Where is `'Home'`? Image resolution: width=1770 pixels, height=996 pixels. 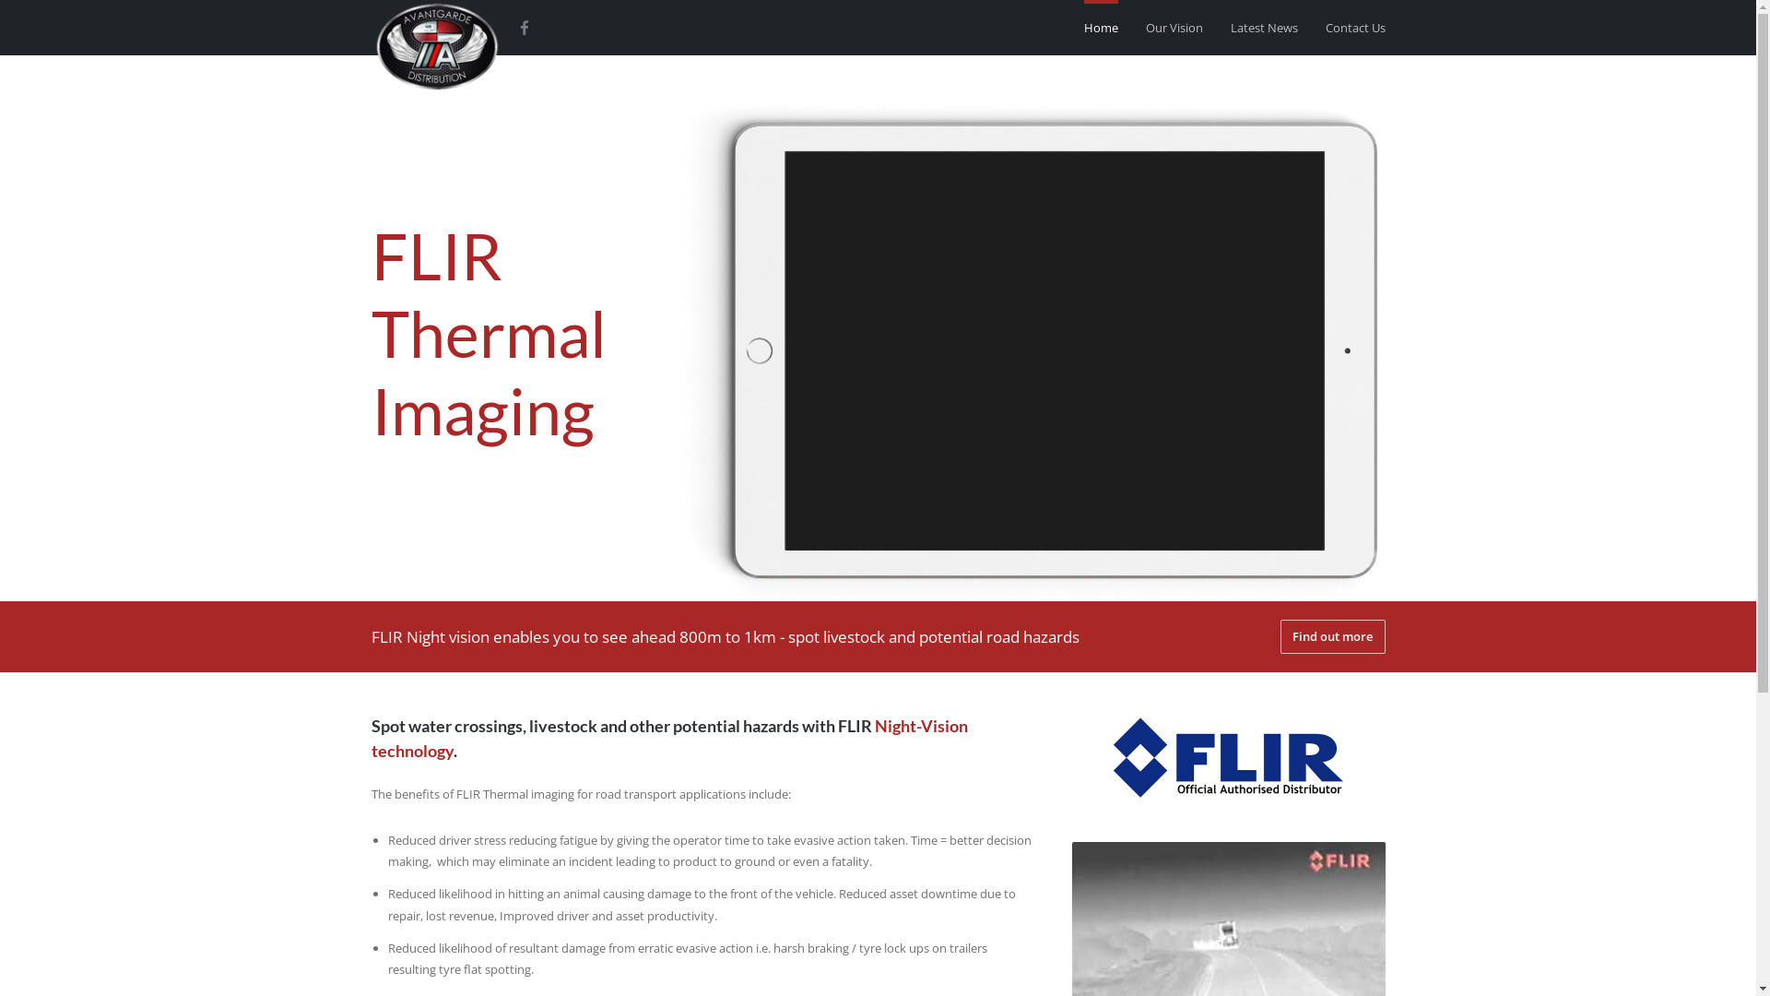
'Home' is located at coordinates (1101, 28).